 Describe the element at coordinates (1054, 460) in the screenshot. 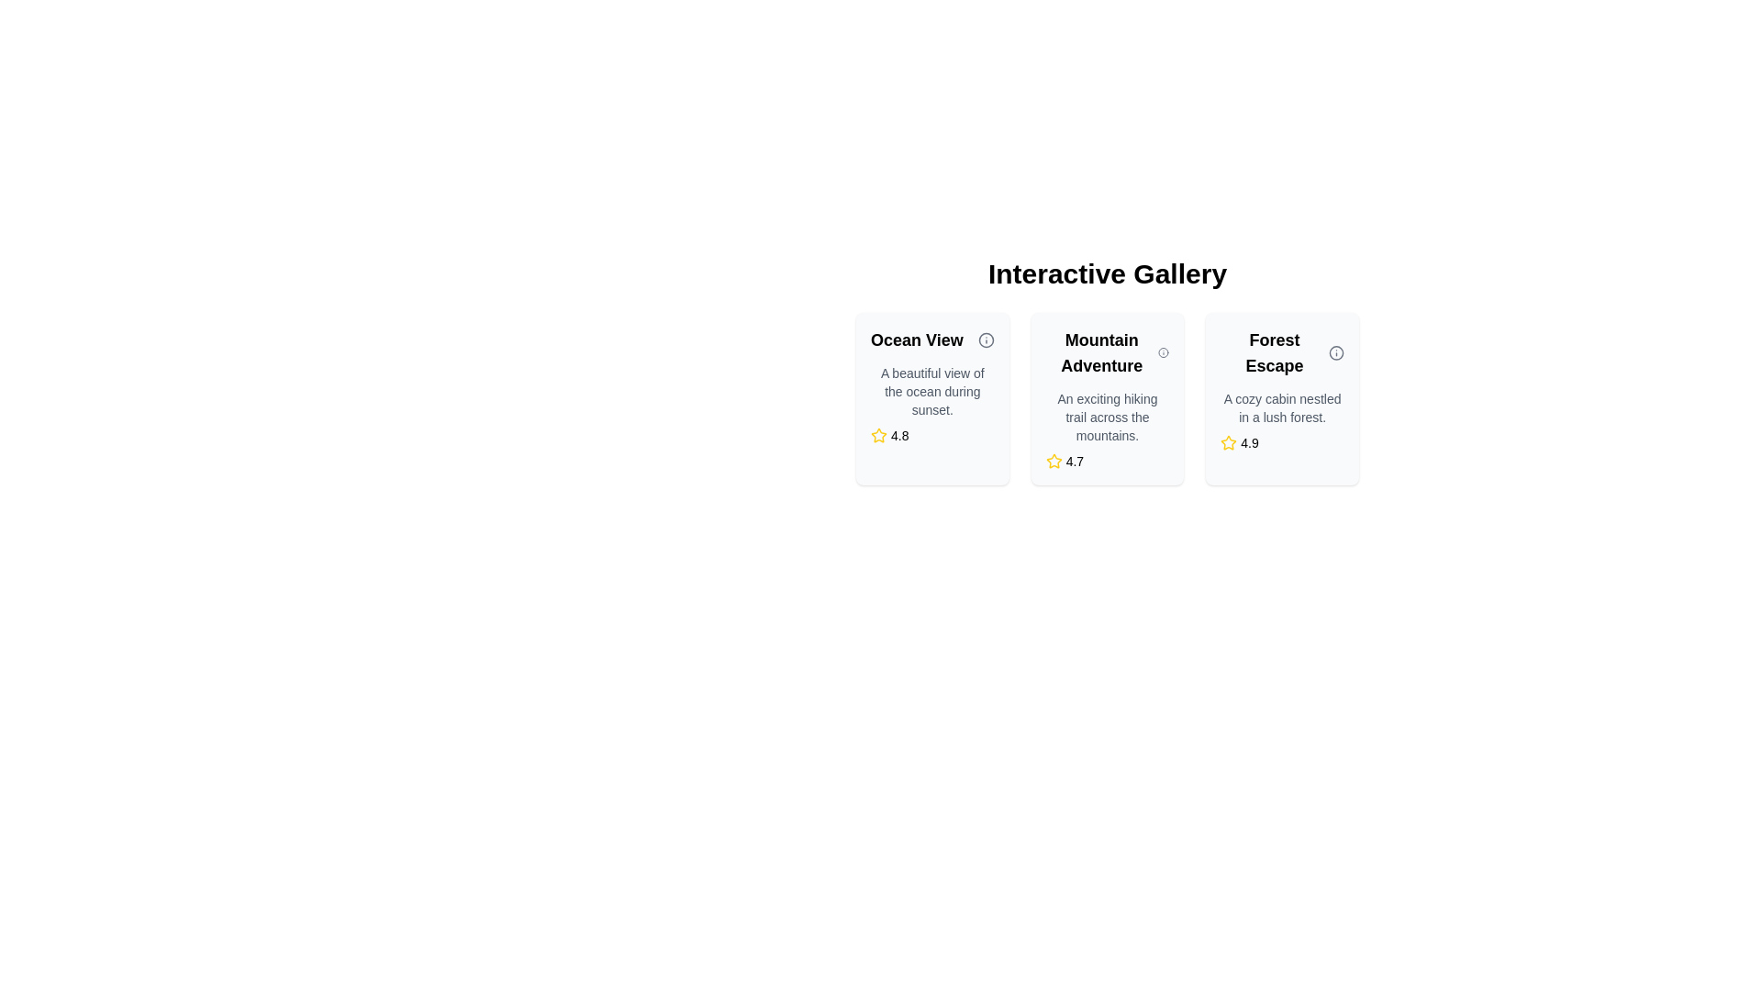

I see `the yellow star icon associated with the rating system in the 'Mountain Adventure' card, located to the left of the text '4.7'` at that location.